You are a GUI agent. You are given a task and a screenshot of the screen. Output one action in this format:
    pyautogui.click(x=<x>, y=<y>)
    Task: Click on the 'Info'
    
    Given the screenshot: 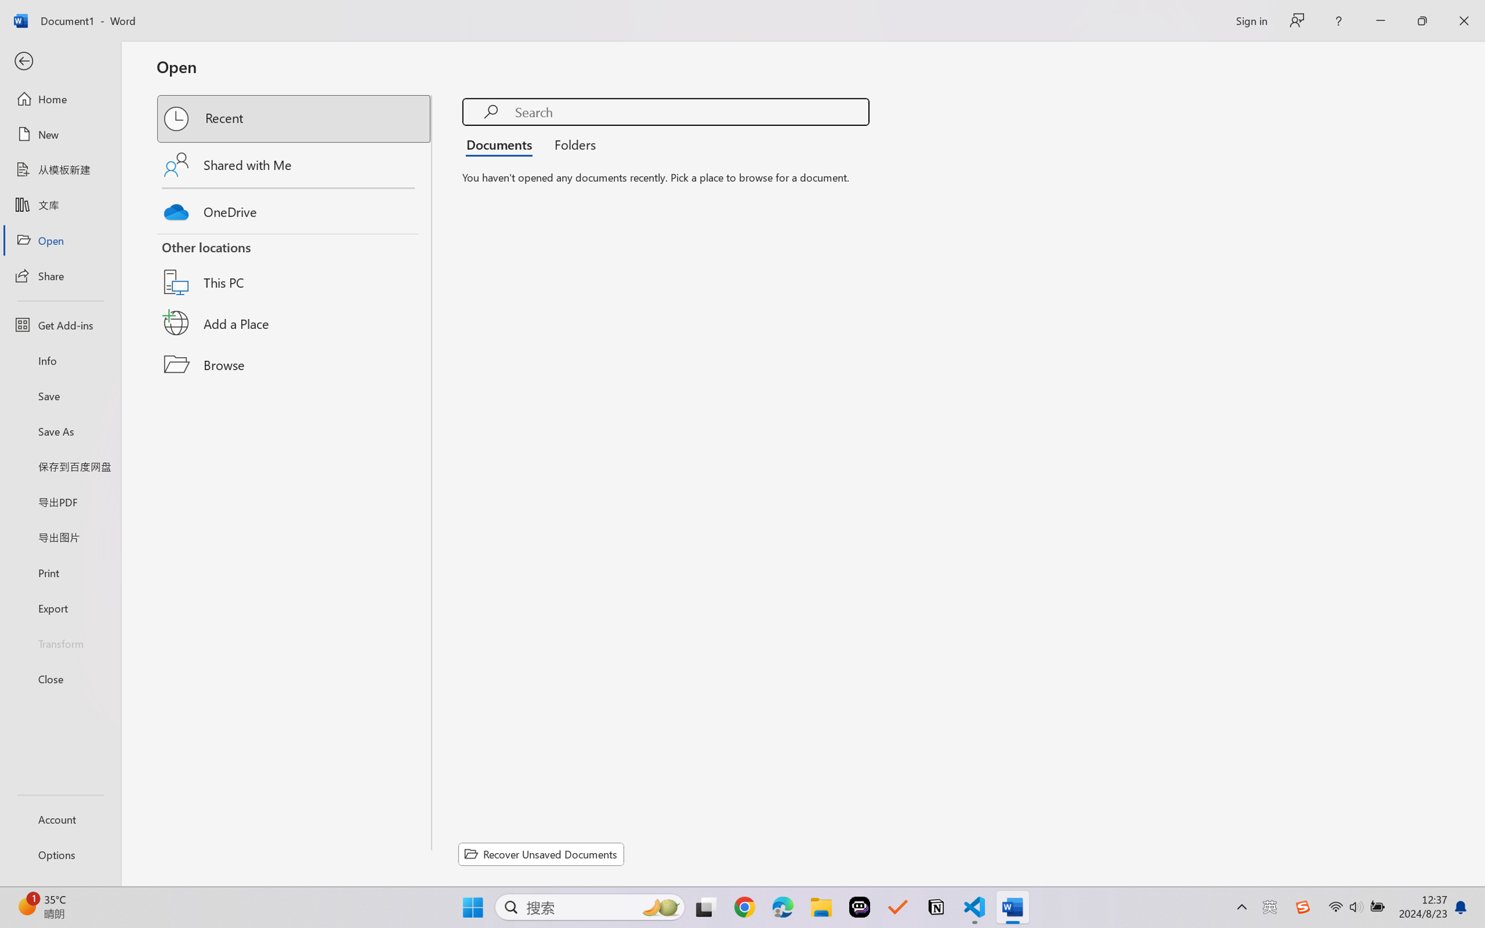 What is the action you would take?
    pyautogui.click(x=60, y=360)
    